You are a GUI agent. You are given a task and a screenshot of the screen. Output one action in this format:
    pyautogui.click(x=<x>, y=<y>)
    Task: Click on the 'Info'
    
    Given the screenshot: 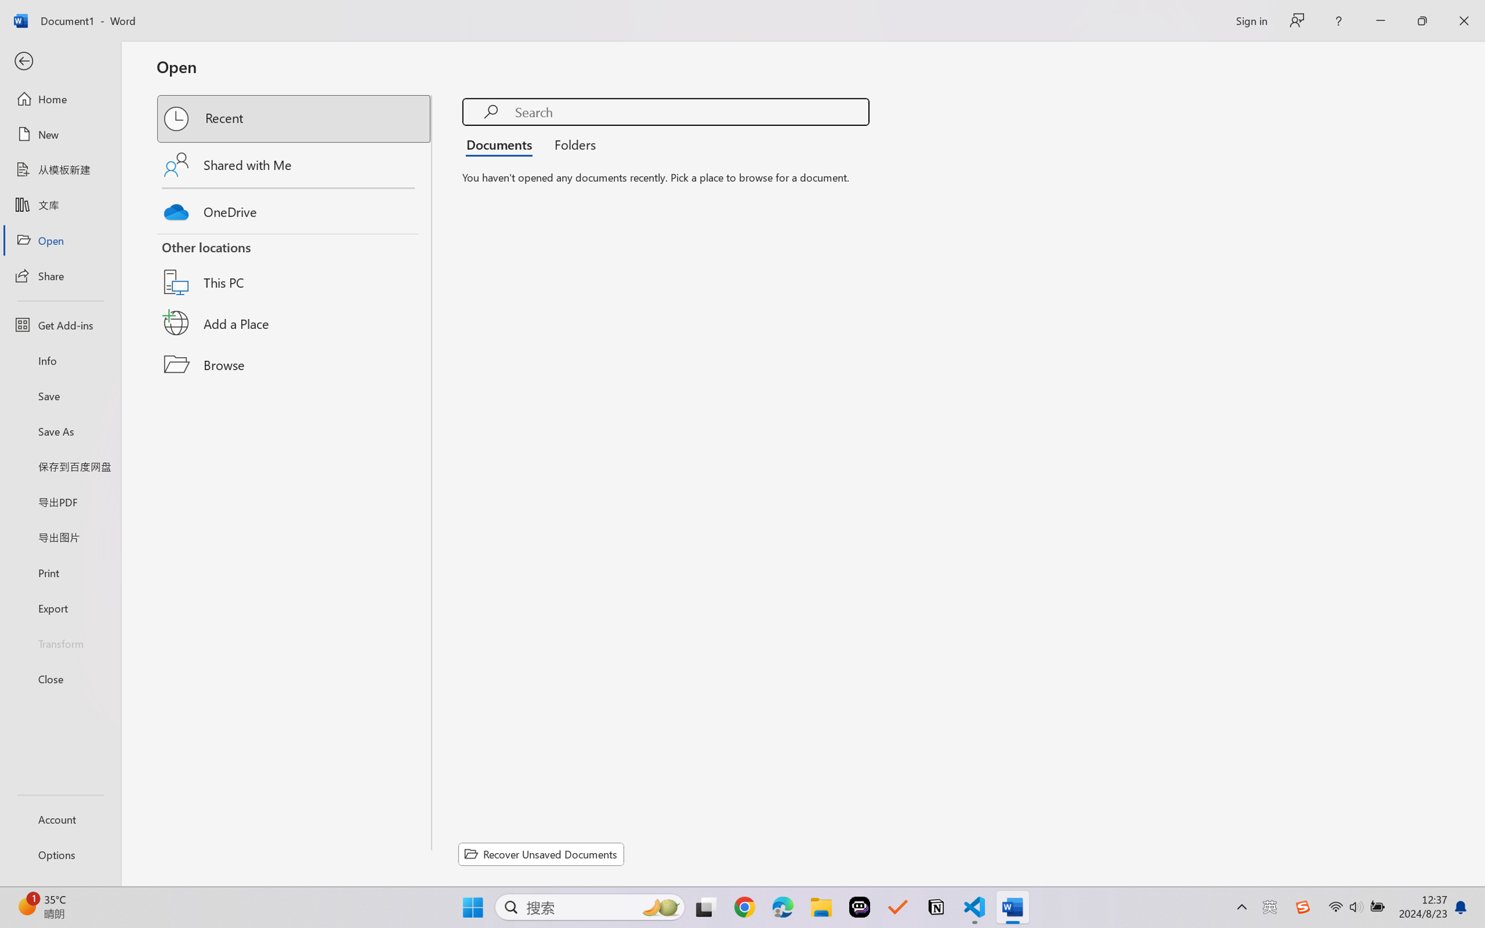 What is the action you would take?
    pyautogui.click(x=60, y=360)
    